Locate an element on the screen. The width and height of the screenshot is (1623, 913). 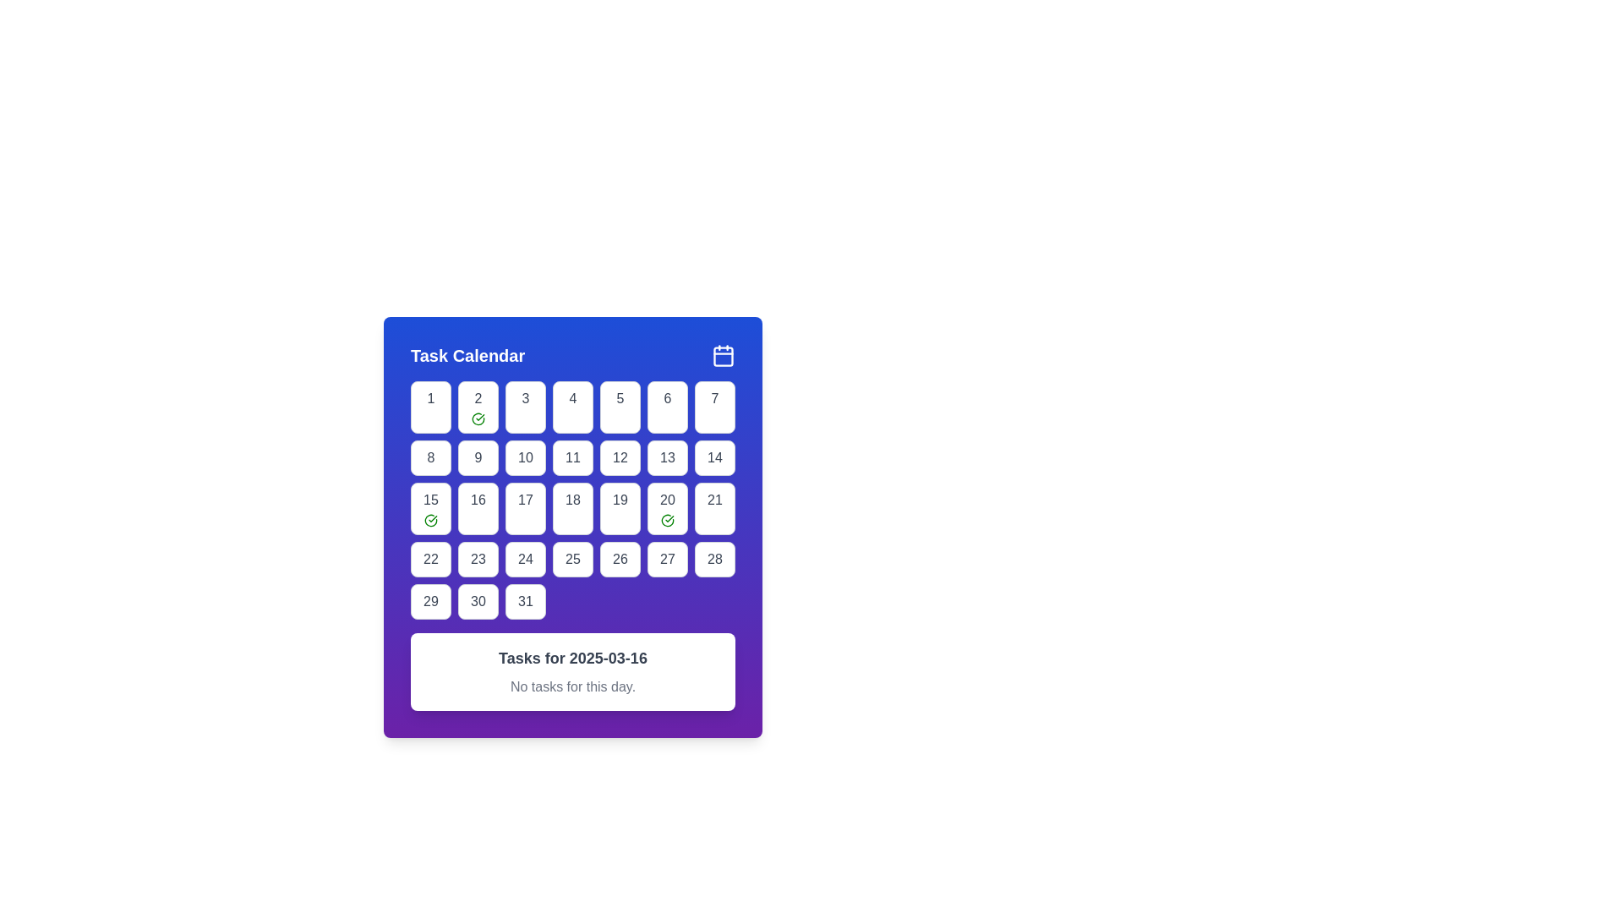
the button labeled '16' in the Task Calendar grid is located at coordinates (478, 507).